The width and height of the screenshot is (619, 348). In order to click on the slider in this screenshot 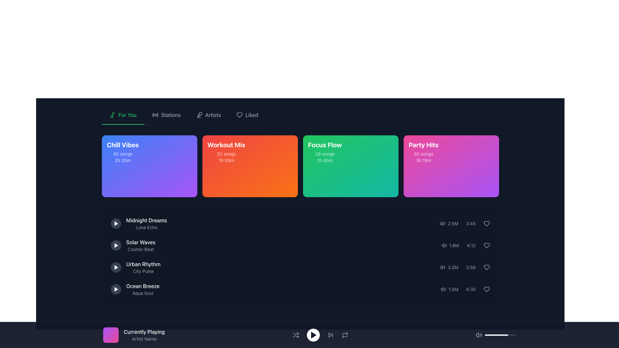, I will do `click(485, 335)`.